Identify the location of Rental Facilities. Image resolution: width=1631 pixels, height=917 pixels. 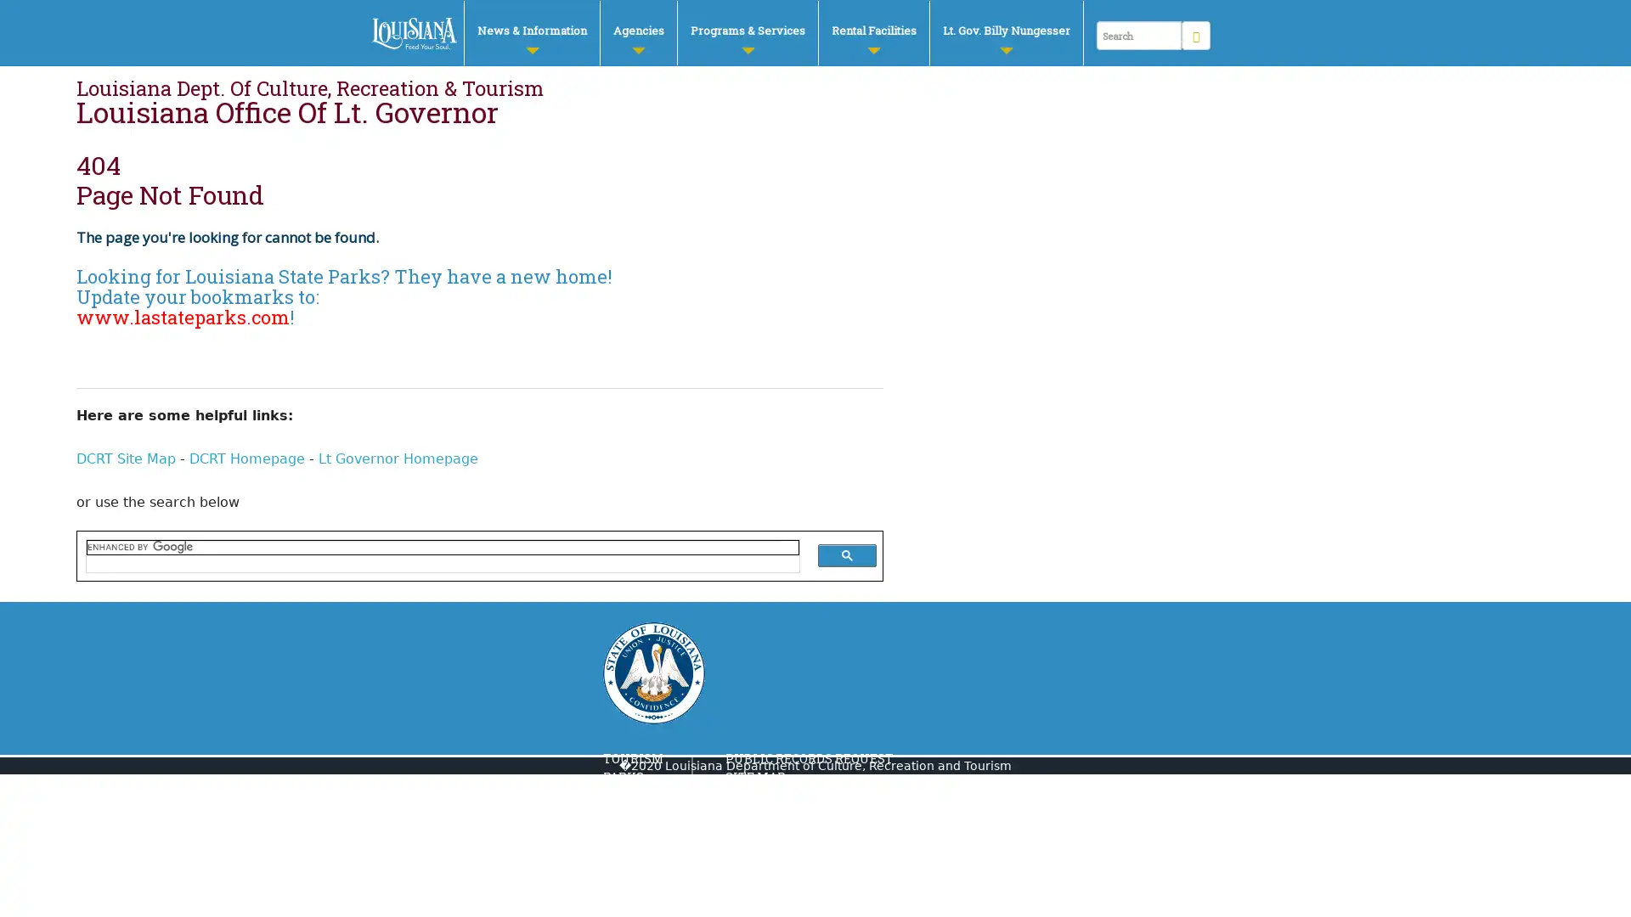
(873, 32).